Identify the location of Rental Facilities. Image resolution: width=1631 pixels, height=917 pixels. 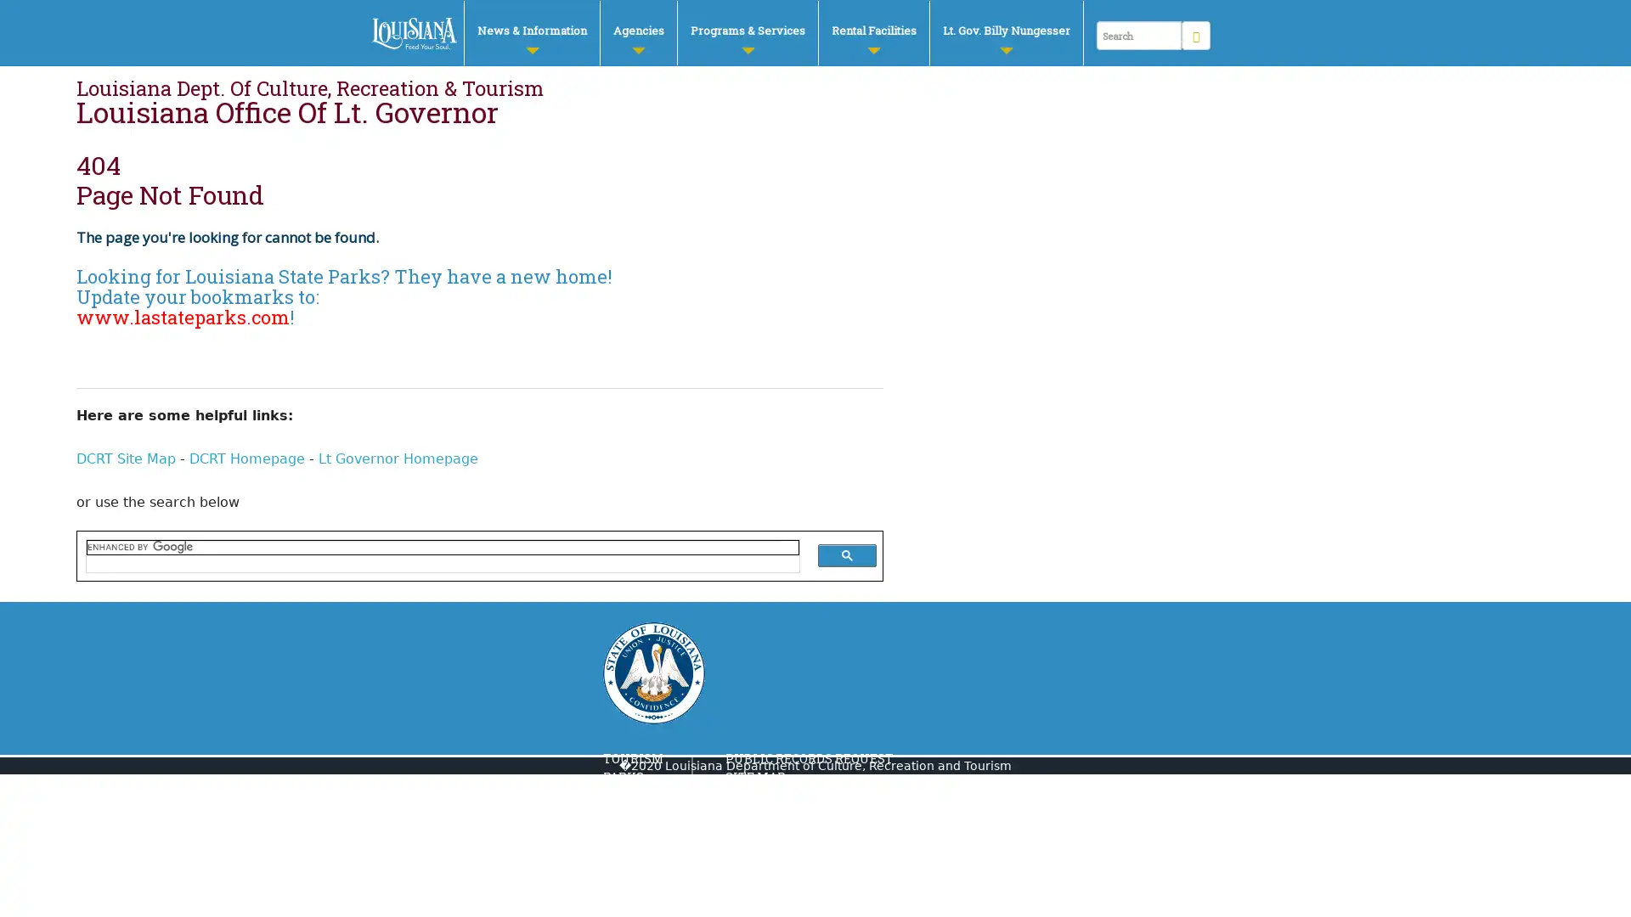
(873, 32).